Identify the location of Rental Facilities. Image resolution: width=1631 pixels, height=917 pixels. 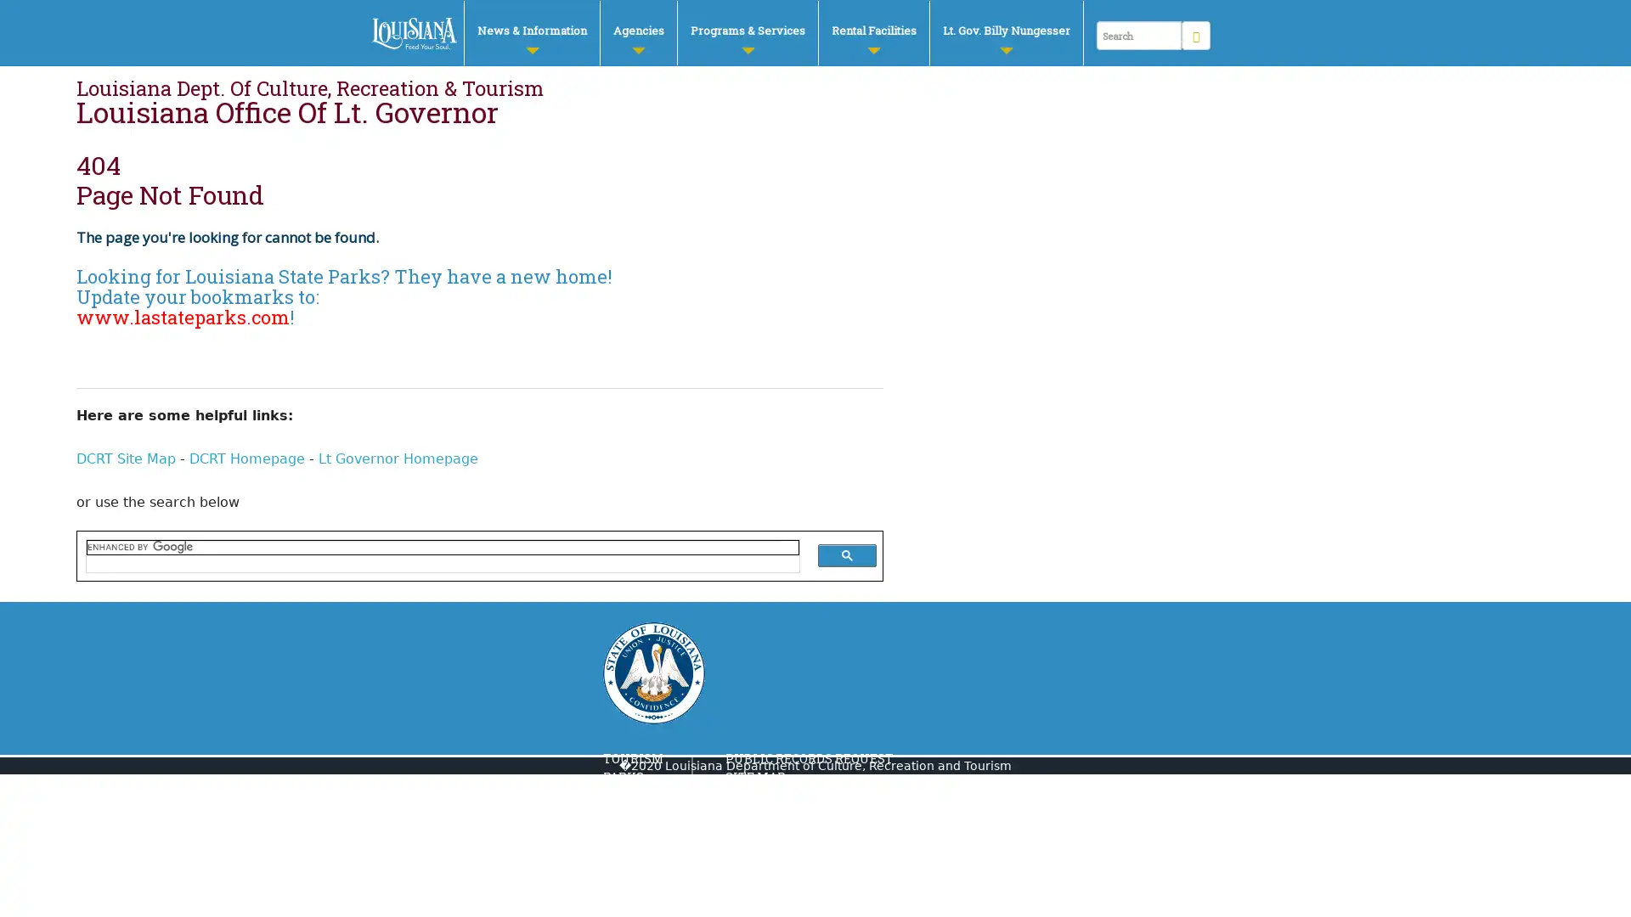
(873, 32).